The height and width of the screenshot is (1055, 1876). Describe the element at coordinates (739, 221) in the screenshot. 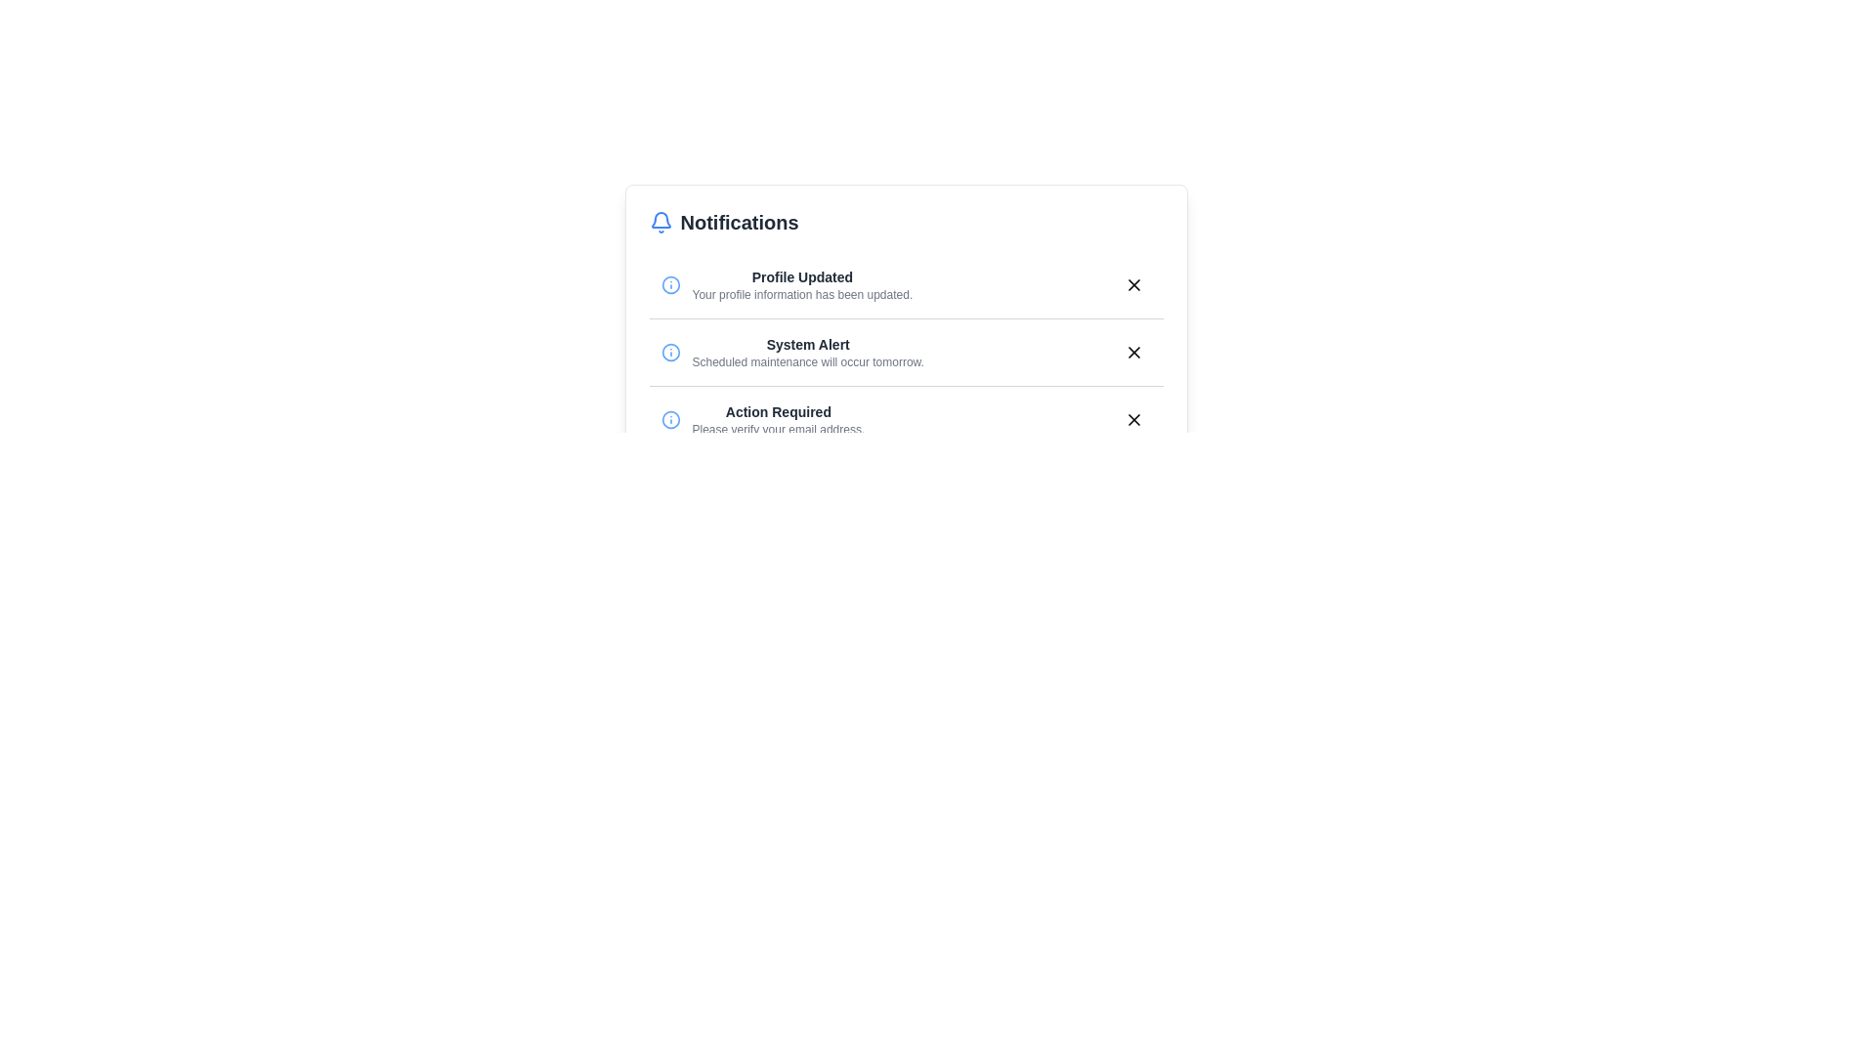

I see `the 'Notifications' text label, which is displayed in bold, dark-colored font and located in the top-left portion of the notification panel adjacent to a bell icon` at that location.